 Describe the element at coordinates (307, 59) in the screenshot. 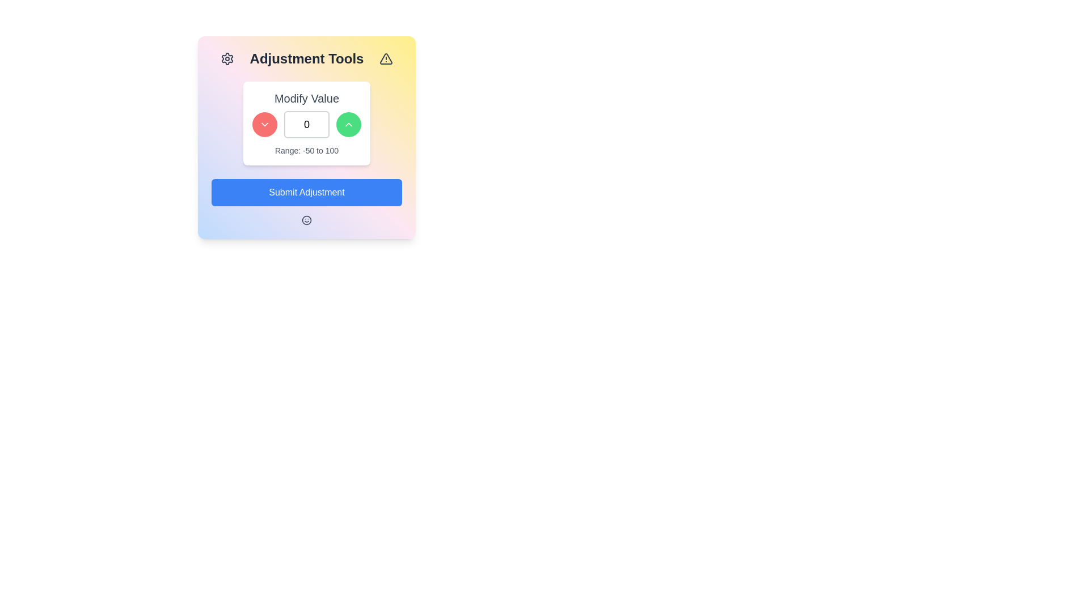

I see `text header located at the topmost section of the adjustment tools card, which is flanked by a settings gear icon on the left and an alert icon on the right` at that location.